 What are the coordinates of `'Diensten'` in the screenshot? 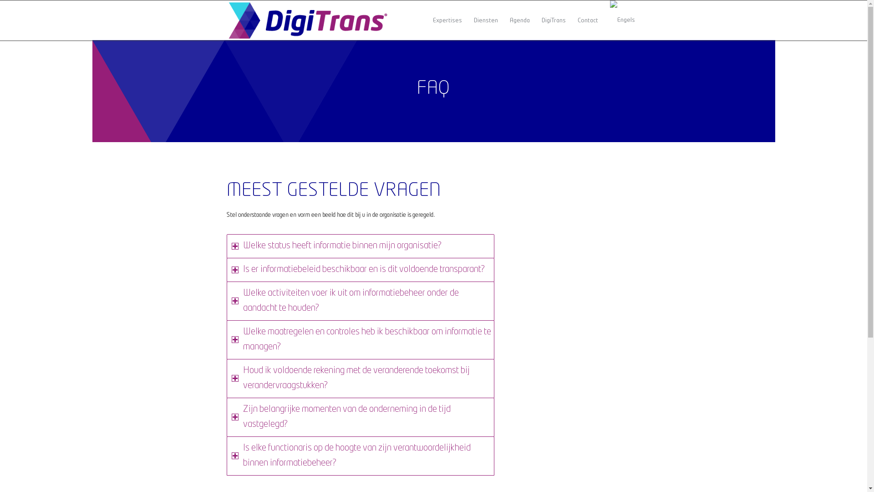 It's located at (485, 20).